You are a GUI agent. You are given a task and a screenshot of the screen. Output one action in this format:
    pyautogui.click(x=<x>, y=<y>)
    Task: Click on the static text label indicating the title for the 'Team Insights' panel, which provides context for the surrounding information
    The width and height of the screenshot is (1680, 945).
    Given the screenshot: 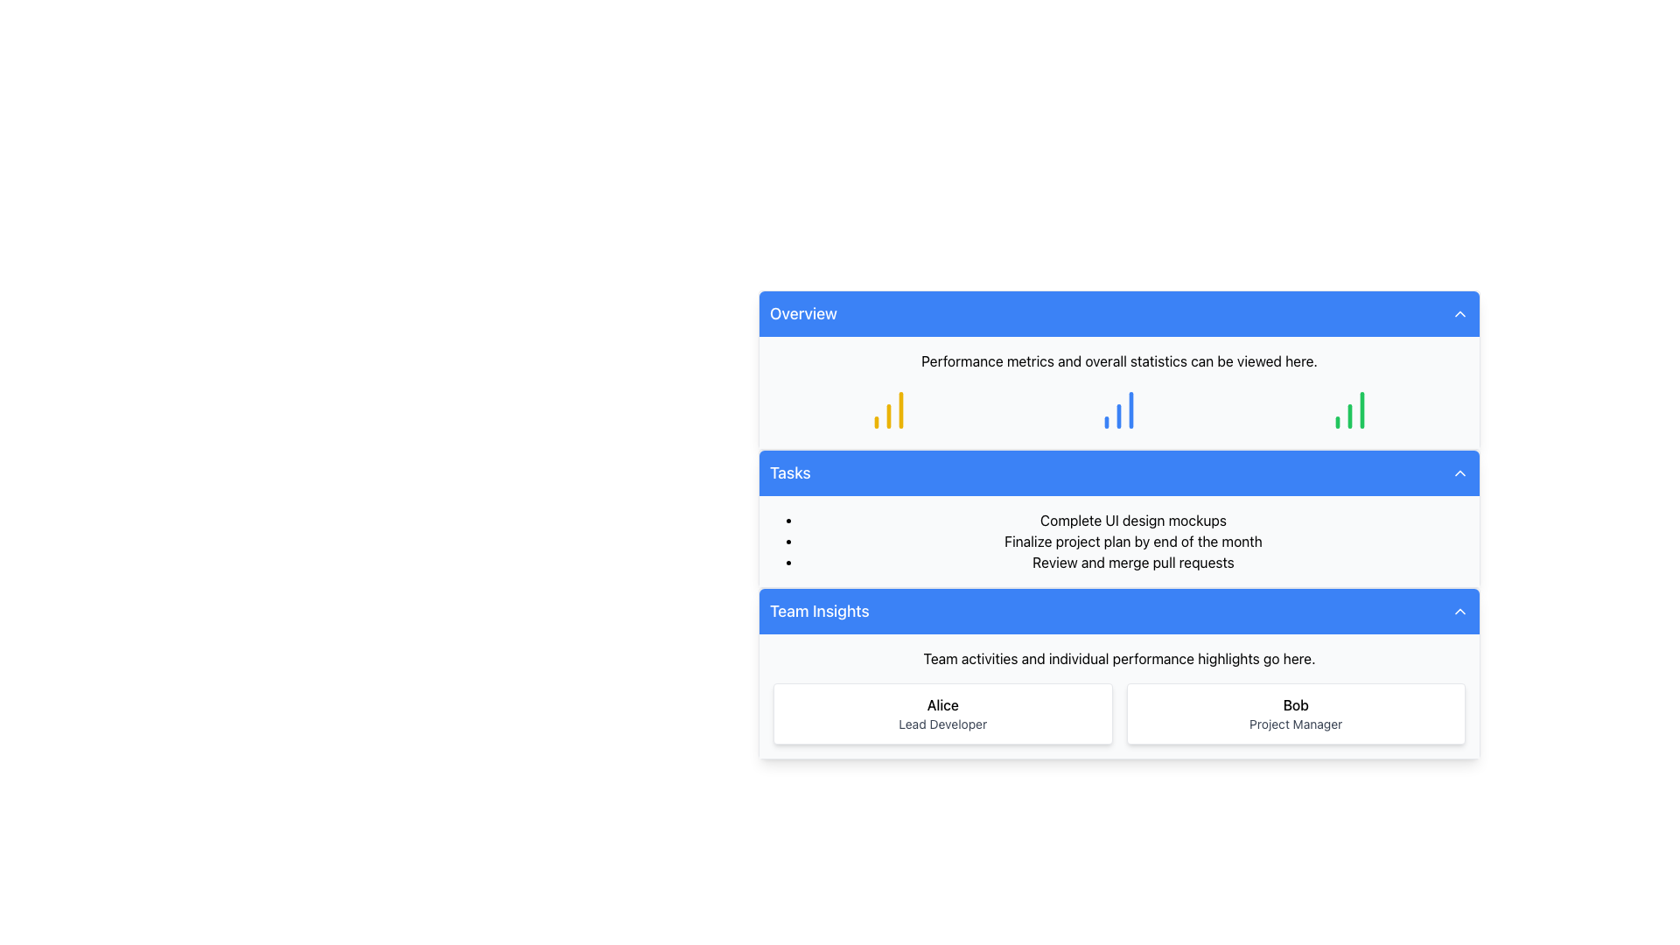 What is the action you would take?
    pyautogui.click(x=818, y=610)
    